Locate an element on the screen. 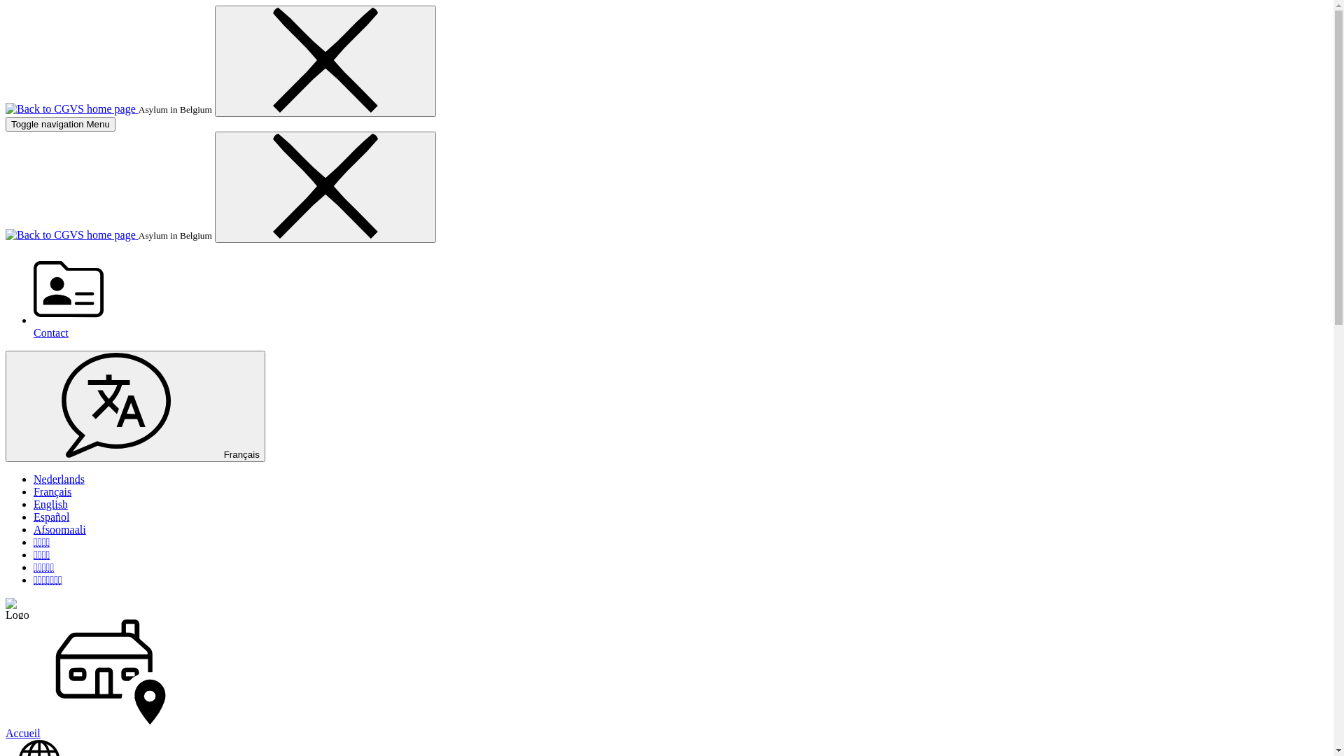  'Accueil' is located at coordinates (666, 679).